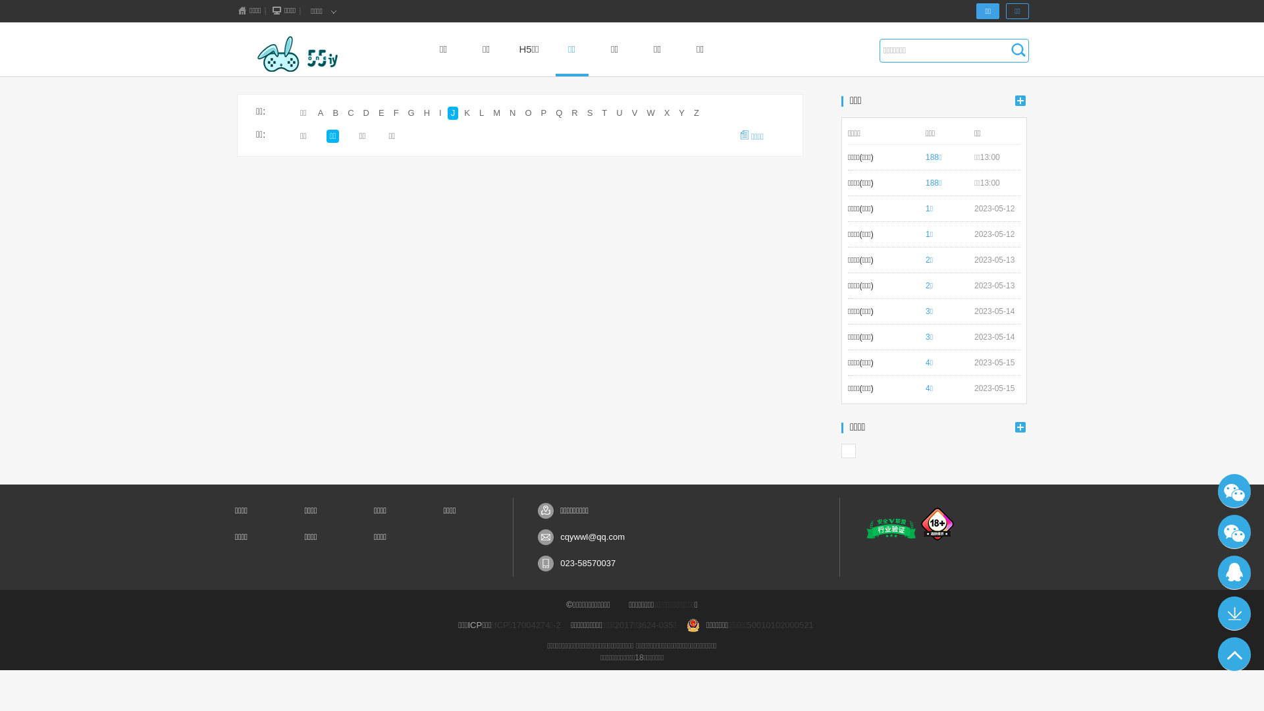 The image size is (1264, 711). I want to click on 'U', so click(618, 113).